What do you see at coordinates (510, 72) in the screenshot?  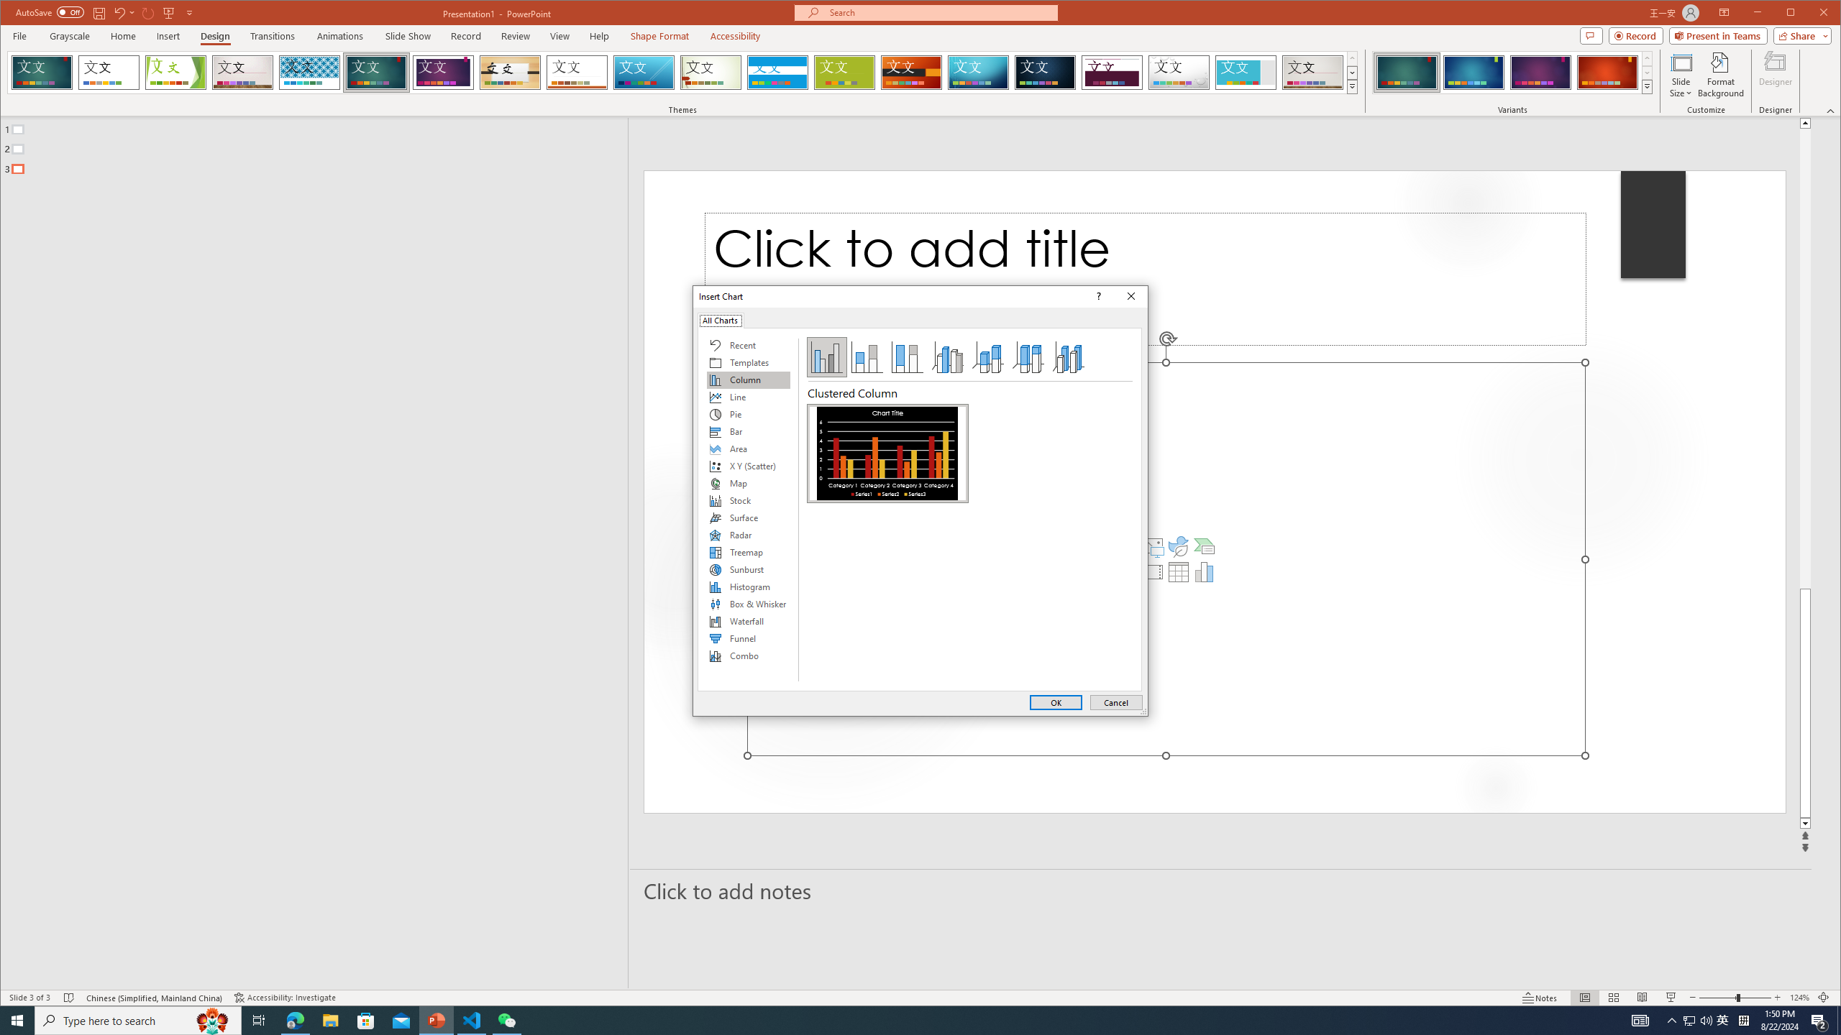 I see `'Organic'` at bounding box center [510, 72].